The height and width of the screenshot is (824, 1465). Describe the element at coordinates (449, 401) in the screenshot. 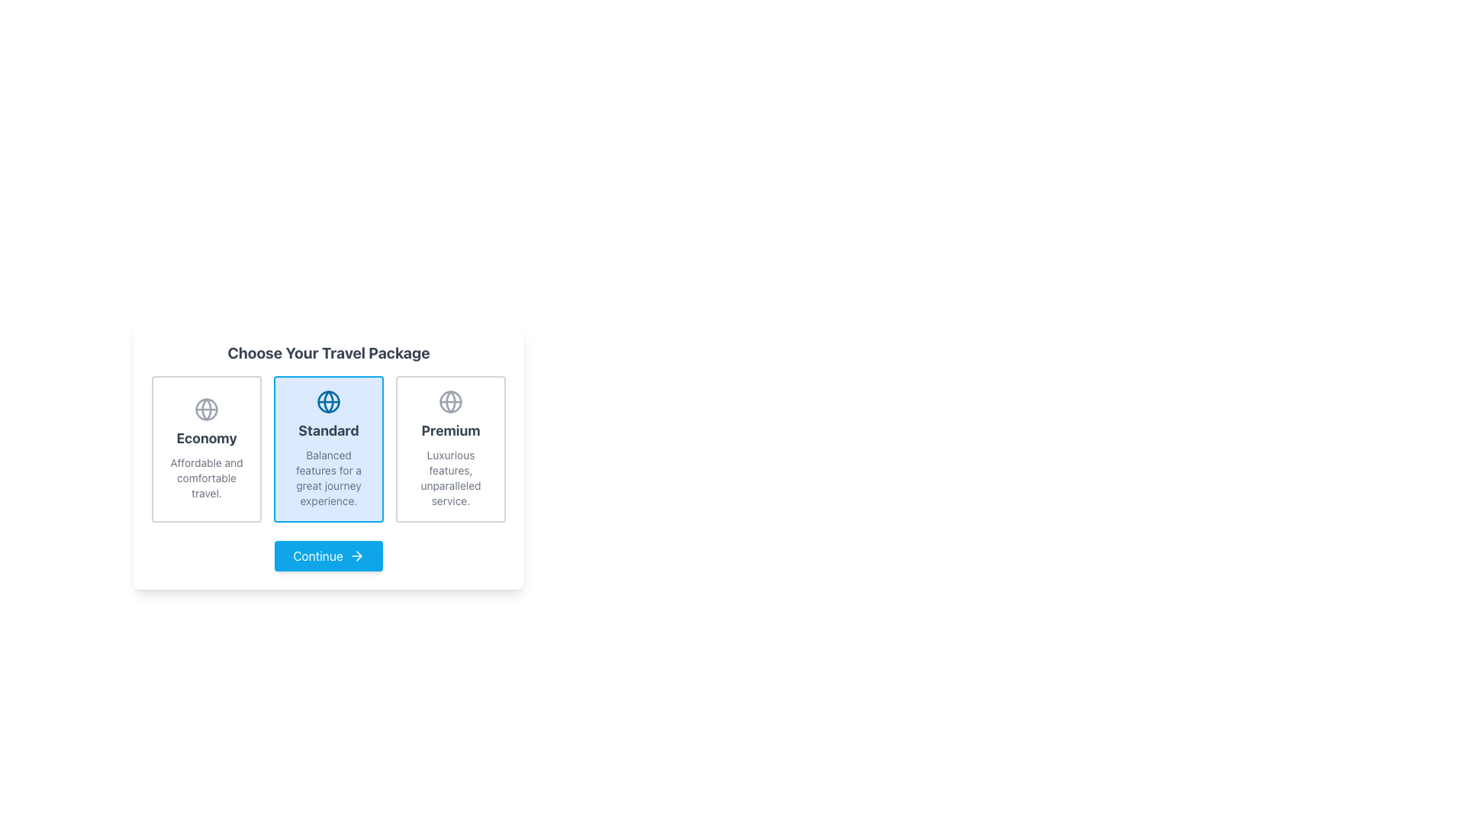

I see `the globe icon representing the 'Premium' option, which is located in the rightmost column of the three horizontally displayed cards, above the 'Premium' label` at that location.